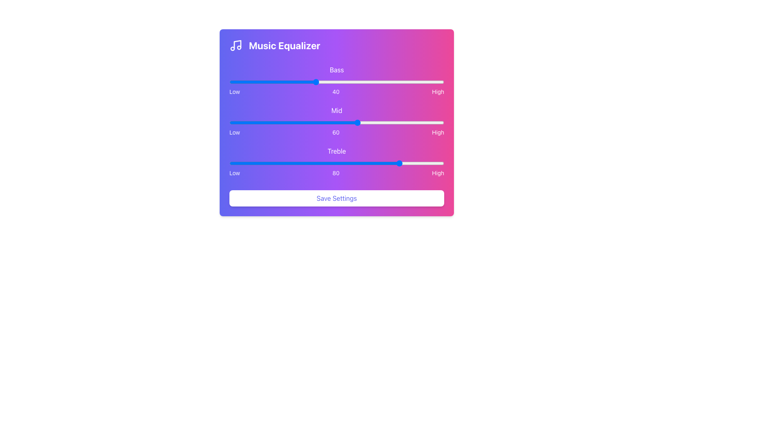 This screenshot has width=781, height=439. I want to click on the label indicating the middle frequency range setting of the equalizer, which contains the text 'MidLow60High' and is positioned above the range slider, so click(337, 111).